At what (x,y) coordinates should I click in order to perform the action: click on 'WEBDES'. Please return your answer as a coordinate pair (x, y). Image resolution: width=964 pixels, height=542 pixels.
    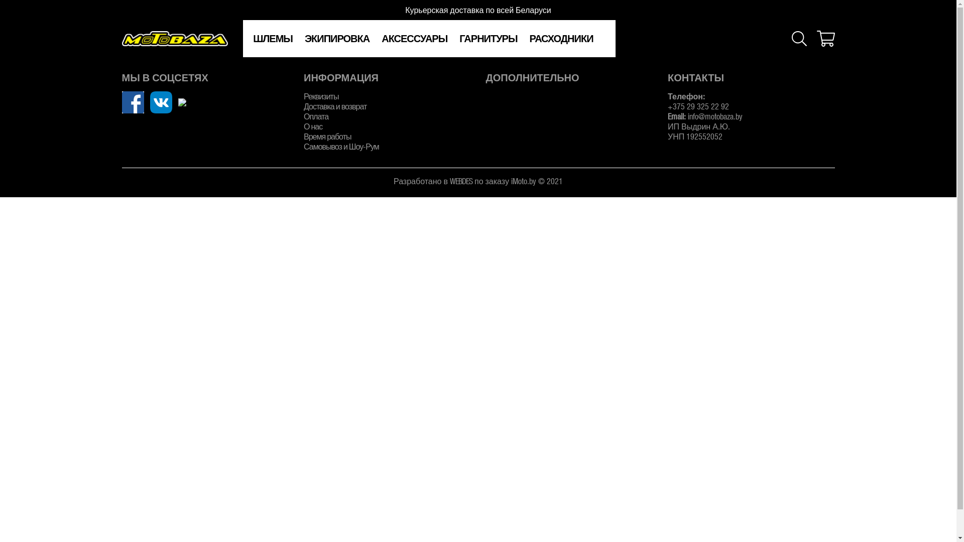
    Looking at the image, I should click on (460, 181).